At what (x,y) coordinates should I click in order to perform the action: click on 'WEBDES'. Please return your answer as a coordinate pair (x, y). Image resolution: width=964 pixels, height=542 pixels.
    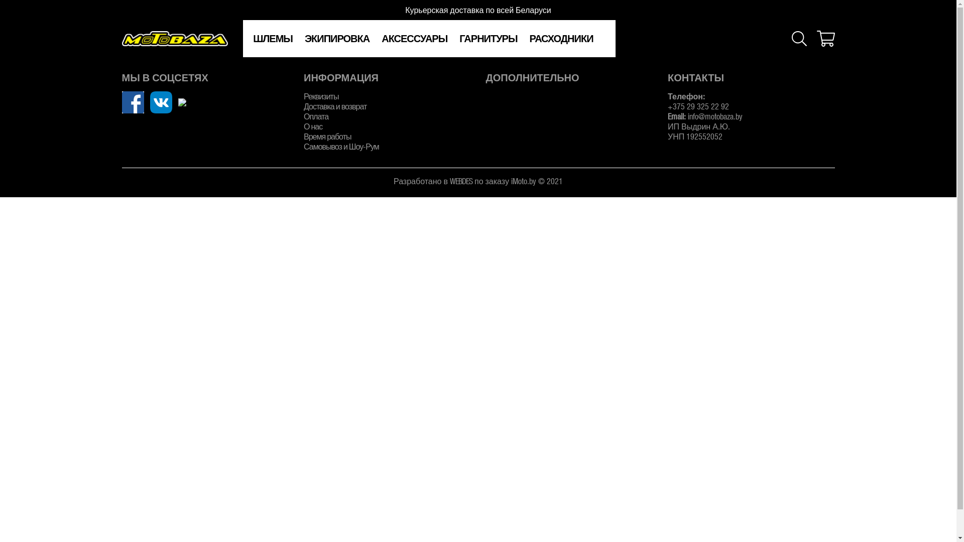
    Looking at the image, I should click on (460, 181).